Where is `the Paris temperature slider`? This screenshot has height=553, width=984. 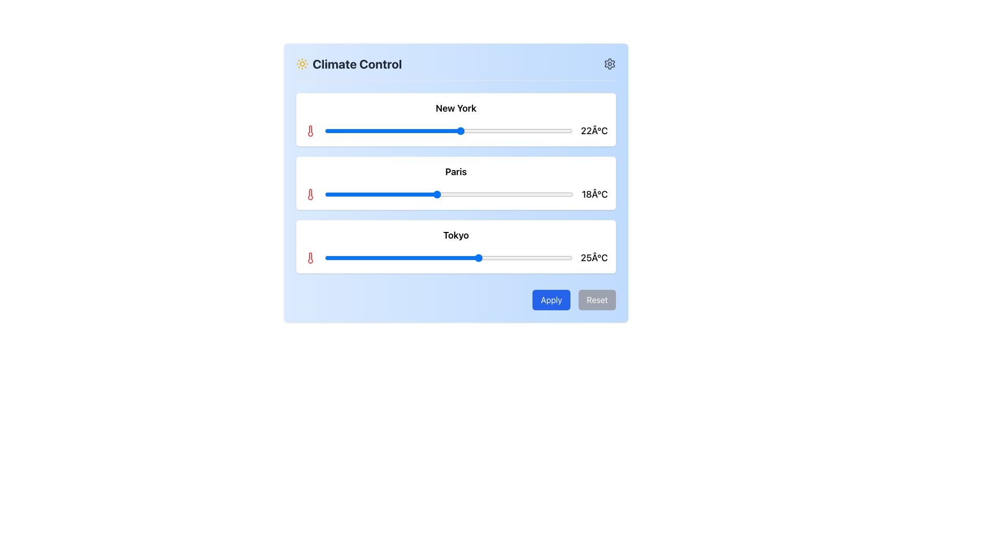 the Paris temperature slider is located at coordinates (566, 195).